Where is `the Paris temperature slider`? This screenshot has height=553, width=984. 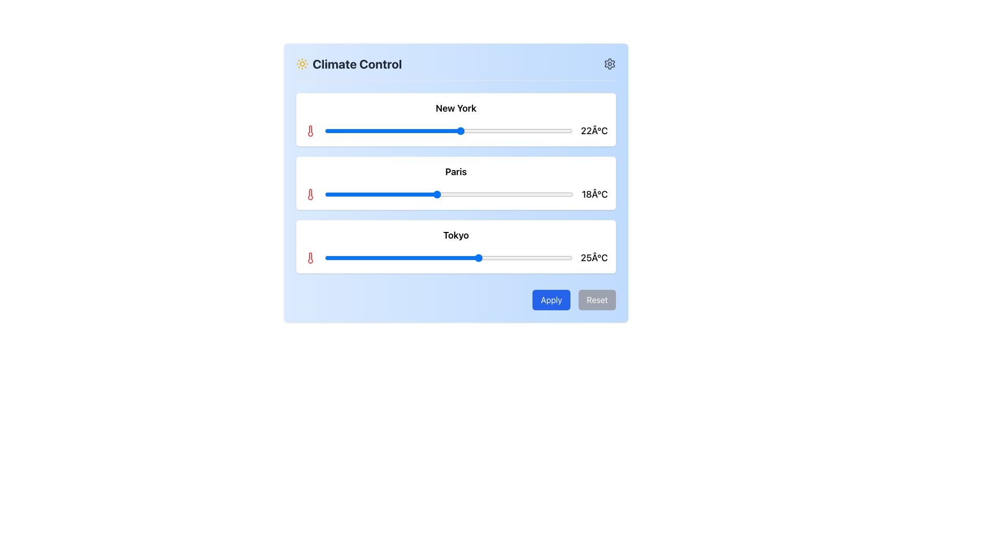 the Paris temperature slider is located at coordinates (566, 195).